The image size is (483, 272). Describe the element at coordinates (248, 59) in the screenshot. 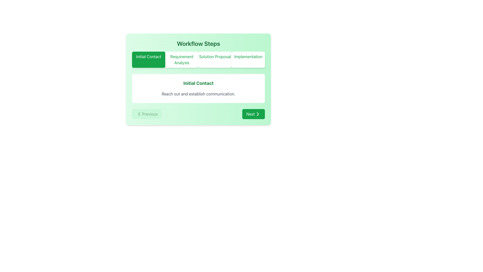

I see `the 'Implementation' button, which is a rectangular button with green text on a white background, located at the top-right section of the component area` at that location.